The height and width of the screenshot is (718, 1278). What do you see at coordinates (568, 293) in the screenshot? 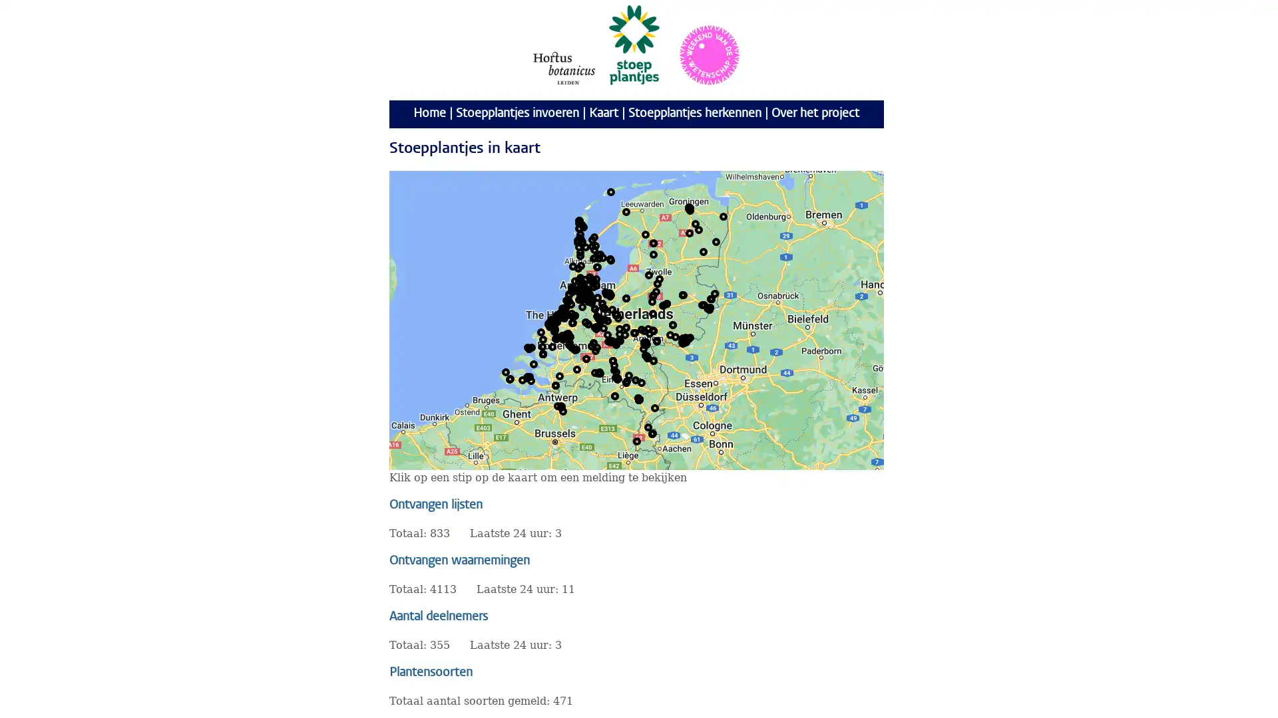
I see `Telling van Reinier Hopmans op 16 mei 2022` at bounding box center [568, 293].